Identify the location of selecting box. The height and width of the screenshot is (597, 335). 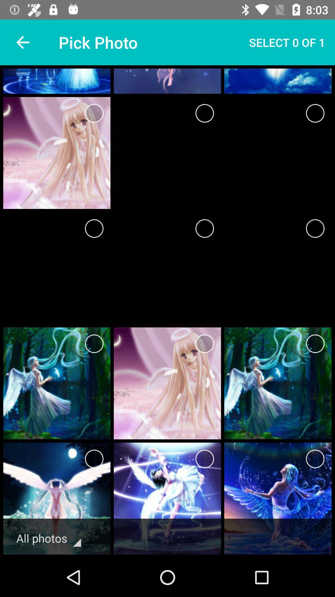
(204, 113).